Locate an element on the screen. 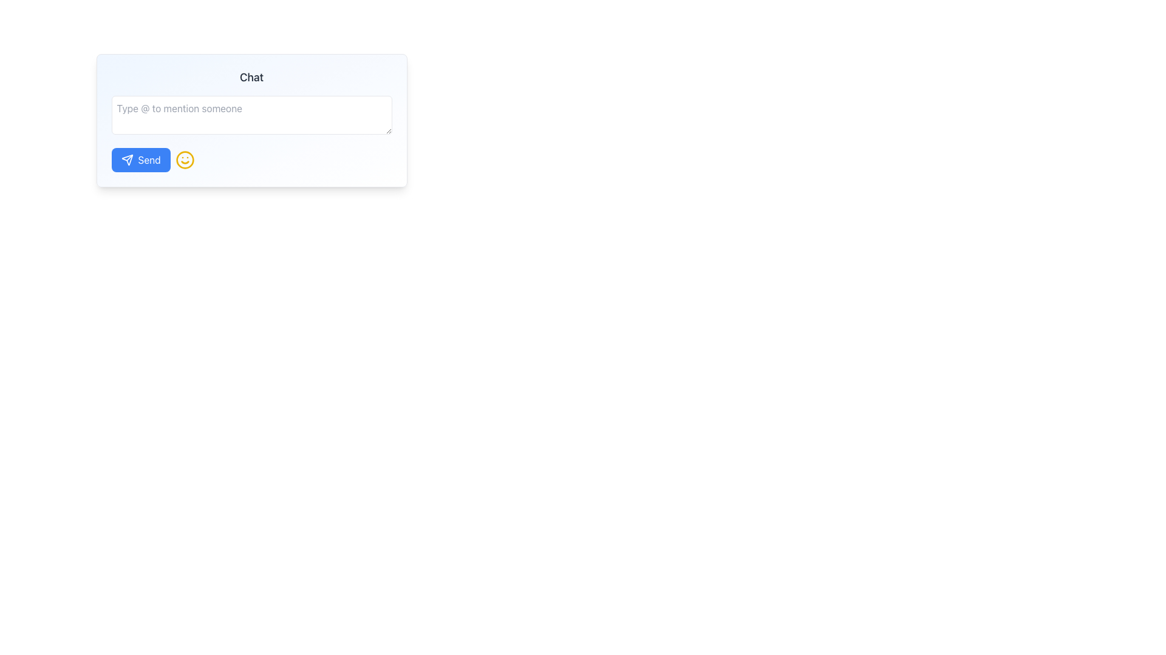 This screenshot has height=655, width=1166. the decorative icon located at the leftmost portion of the 'Send' button, which emphasizes its purpose for sending messages, situated below the text input box is located at coordinates (127, 159).